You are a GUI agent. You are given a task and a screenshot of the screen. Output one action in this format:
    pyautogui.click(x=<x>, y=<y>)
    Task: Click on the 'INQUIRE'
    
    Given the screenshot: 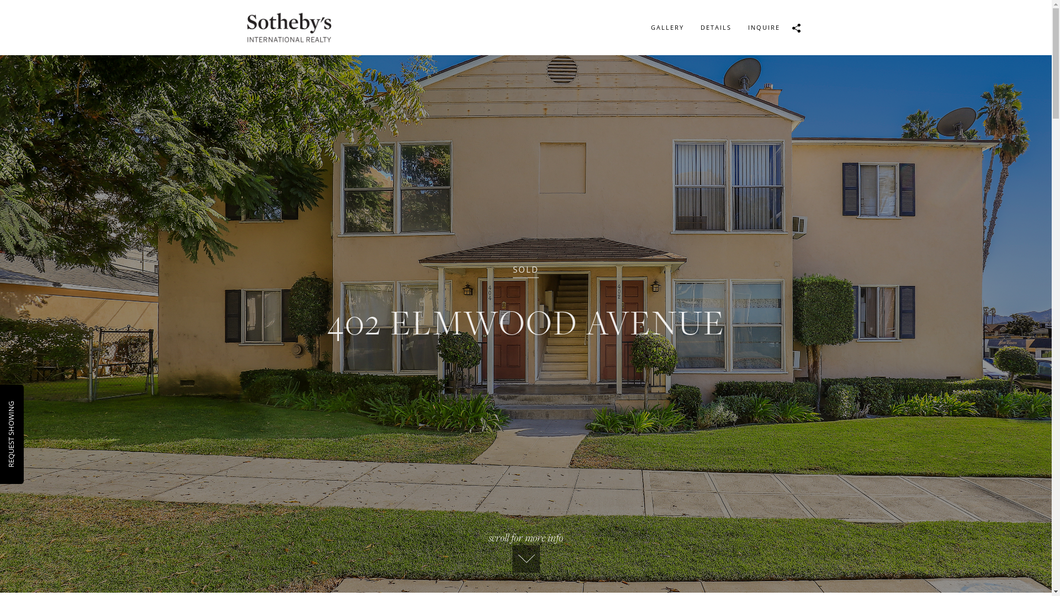 What is the action you would take?
    pyautogui.click(x=763, y=27)
    